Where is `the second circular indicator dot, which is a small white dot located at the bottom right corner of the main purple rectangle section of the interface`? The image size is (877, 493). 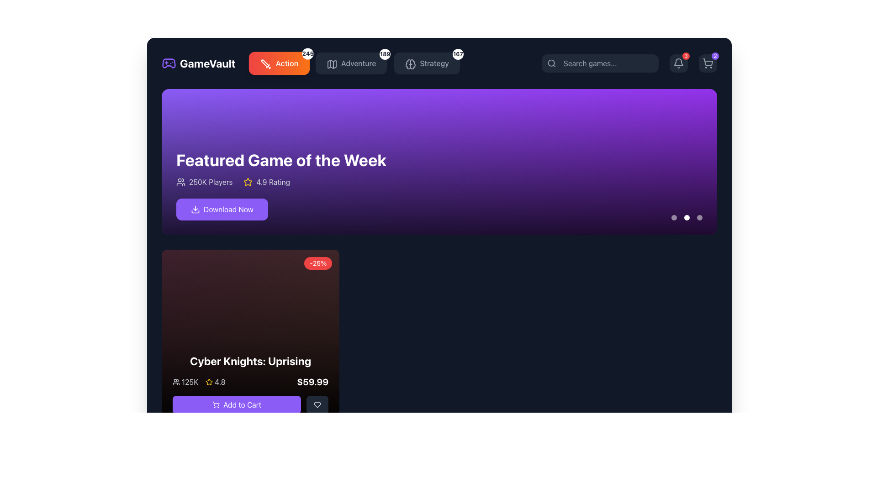
the second circular indicator dot, which is a small white dot located at the bottom right corner of the main purple rectangle section of the interface is located at coordinates (687, 218).